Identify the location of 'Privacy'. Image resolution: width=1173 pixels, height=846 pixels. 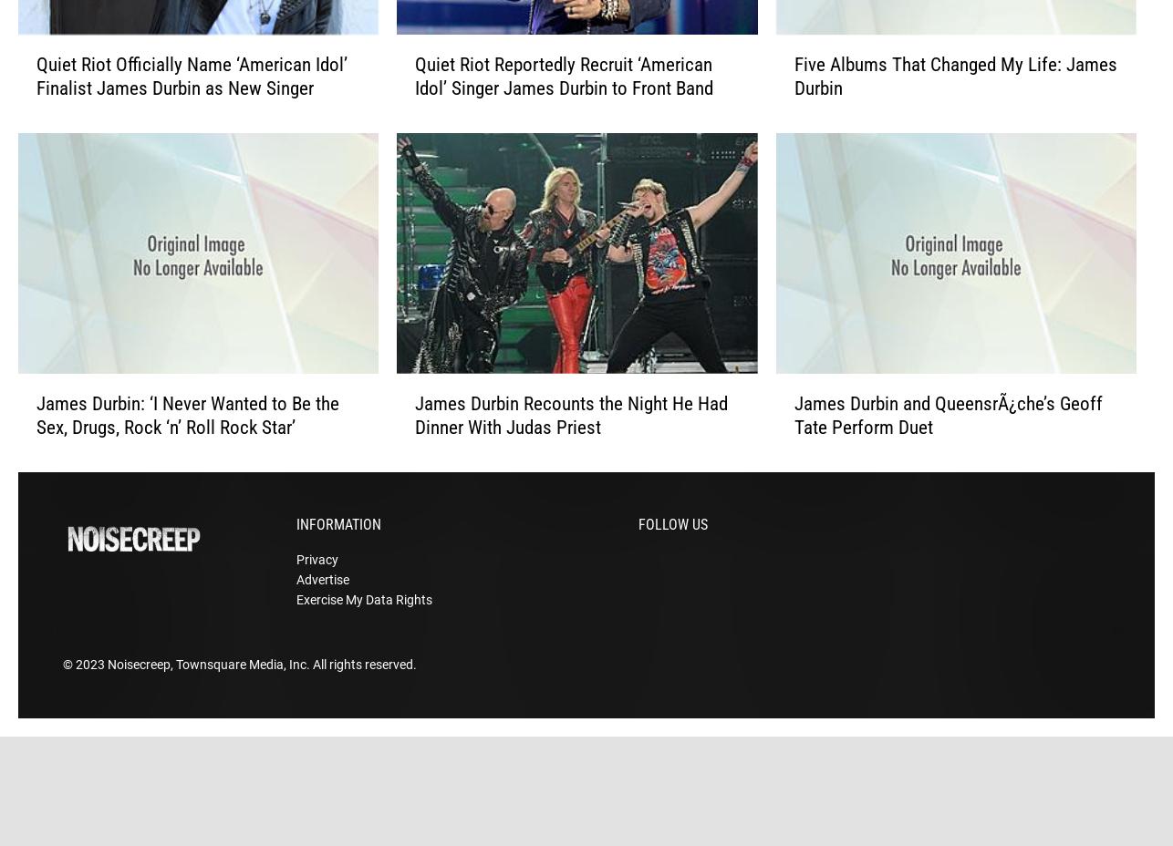
(295, 587).